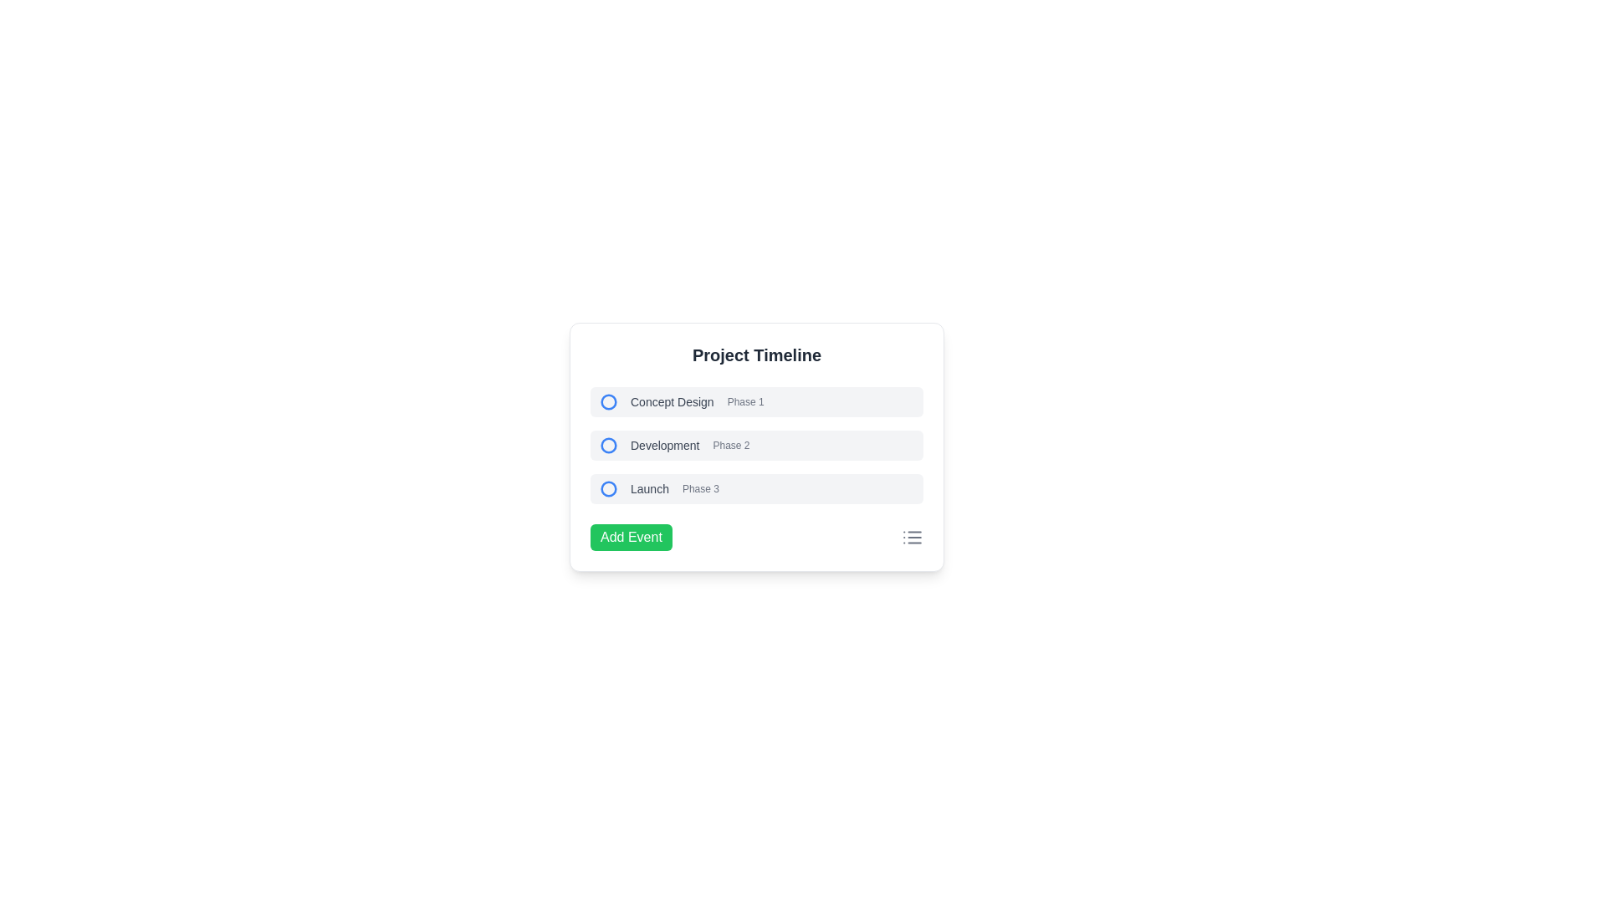  I want to click on the icon located in the second row under 'Project Timeline', to the left of the text 'Development Phase 2', so click(608, 444).